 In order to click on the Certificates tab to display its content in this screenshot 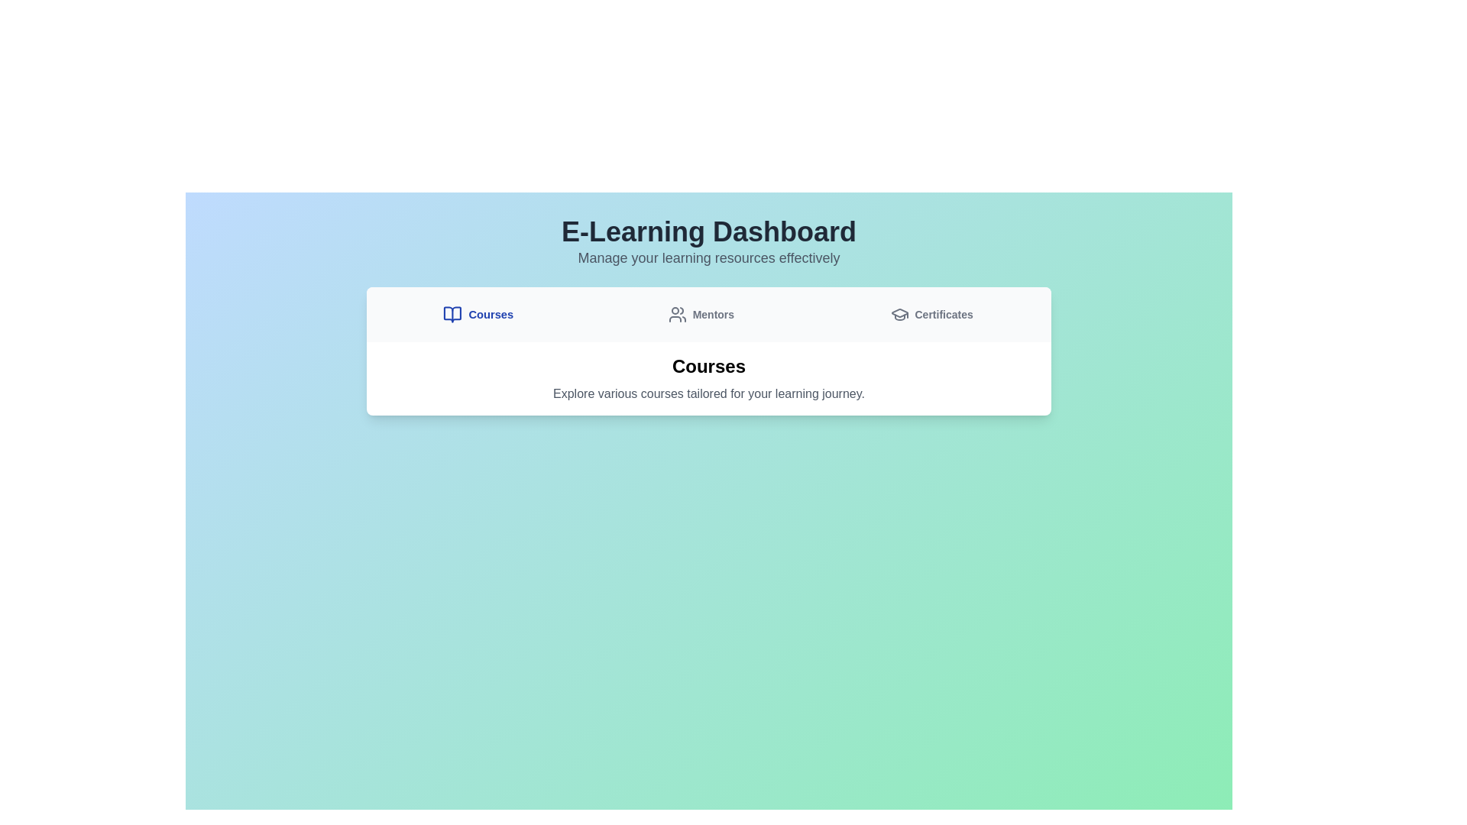, I will do `click(931, 314)`.